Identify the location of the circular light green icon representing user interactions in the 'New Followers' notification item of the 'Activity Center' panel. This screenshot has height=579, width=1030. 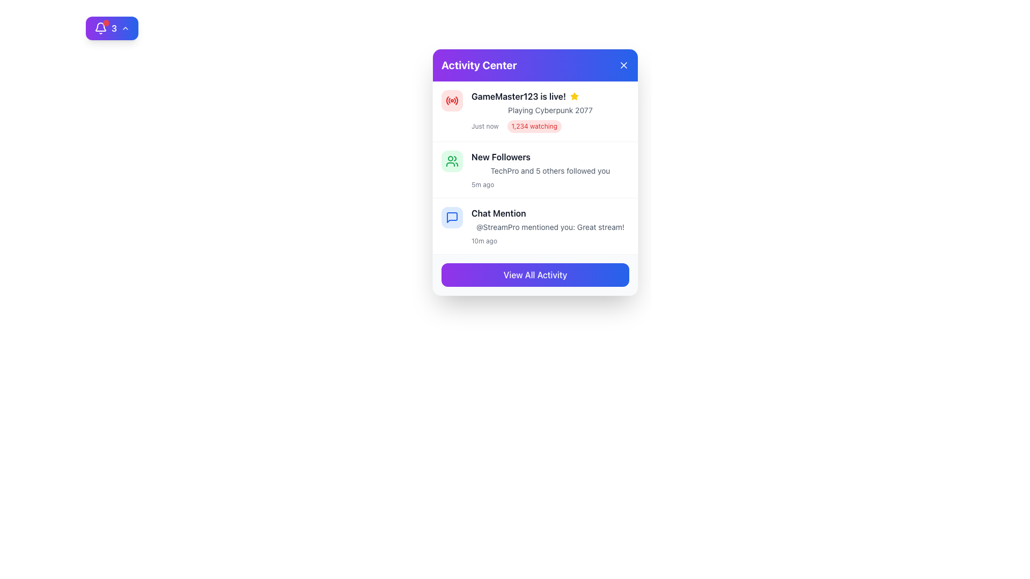
(452, 161).